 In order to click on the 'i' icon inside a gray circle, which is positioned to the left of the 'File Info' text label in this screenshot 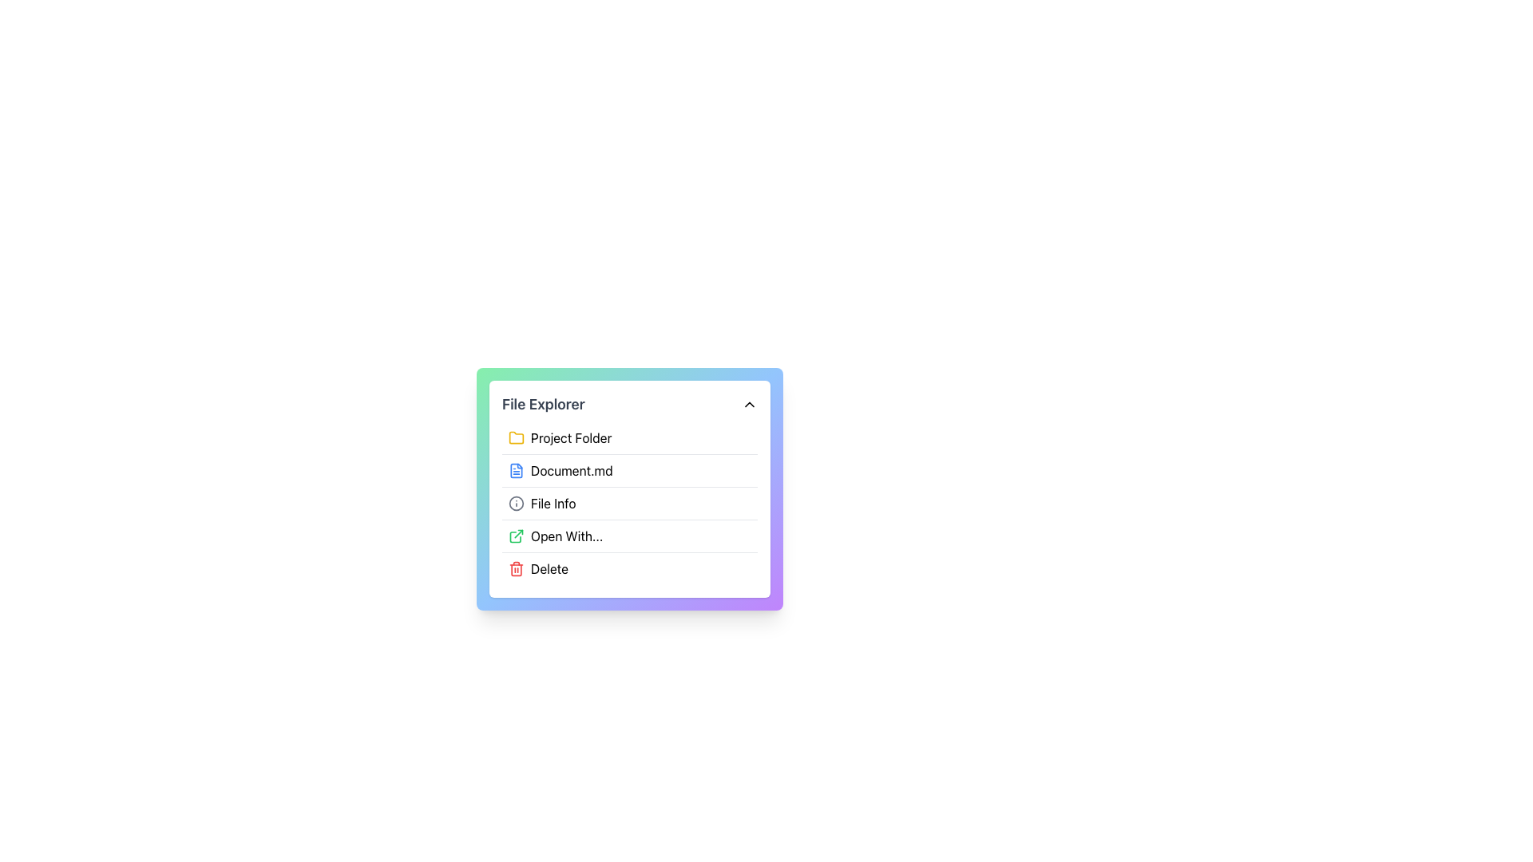, I will do `click(517, 504)`.